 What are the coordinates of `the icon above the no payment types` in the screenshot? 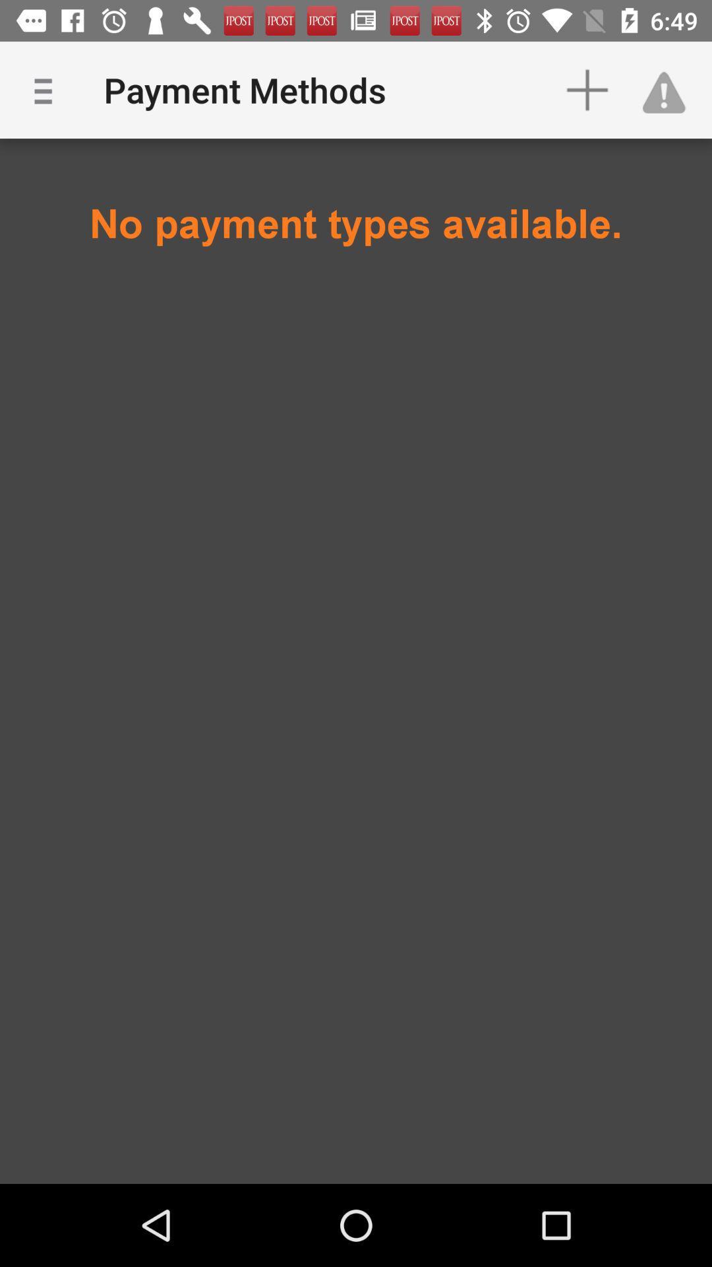 It's located at (47, 89).